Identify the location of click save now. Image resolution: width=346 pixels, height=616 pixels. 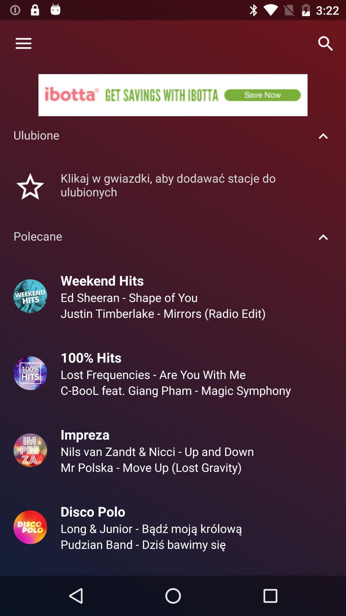
(173, 95).